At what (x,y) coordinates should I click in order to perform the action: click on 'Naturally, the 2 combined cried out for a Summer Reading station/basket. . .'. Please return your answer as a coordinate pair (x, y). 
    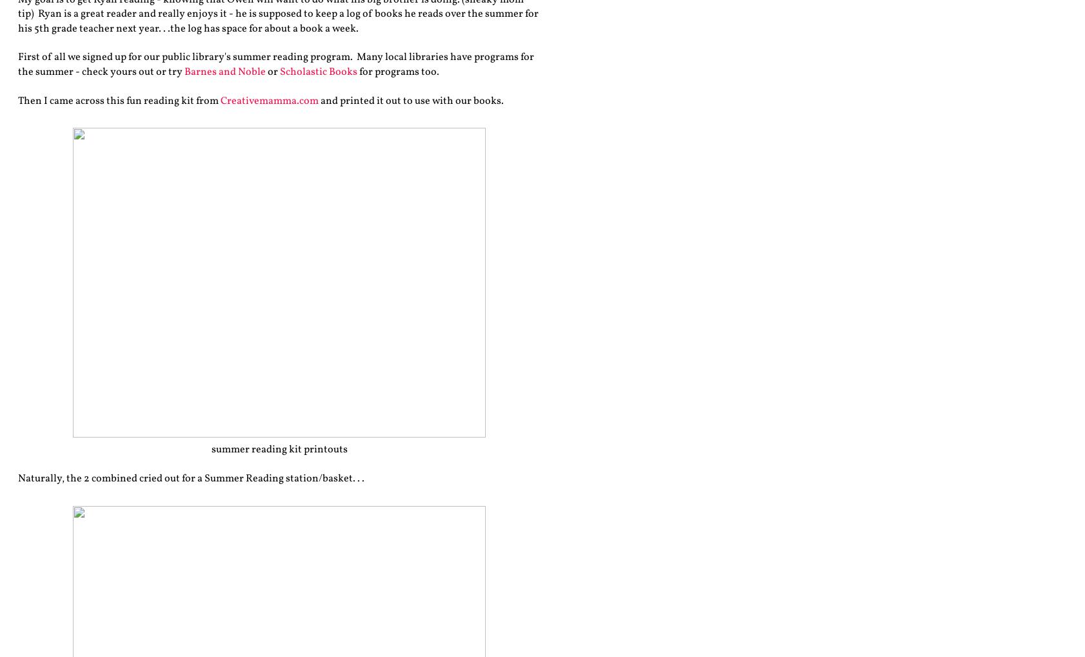
    Looking at the image, I should click on (190, 478).